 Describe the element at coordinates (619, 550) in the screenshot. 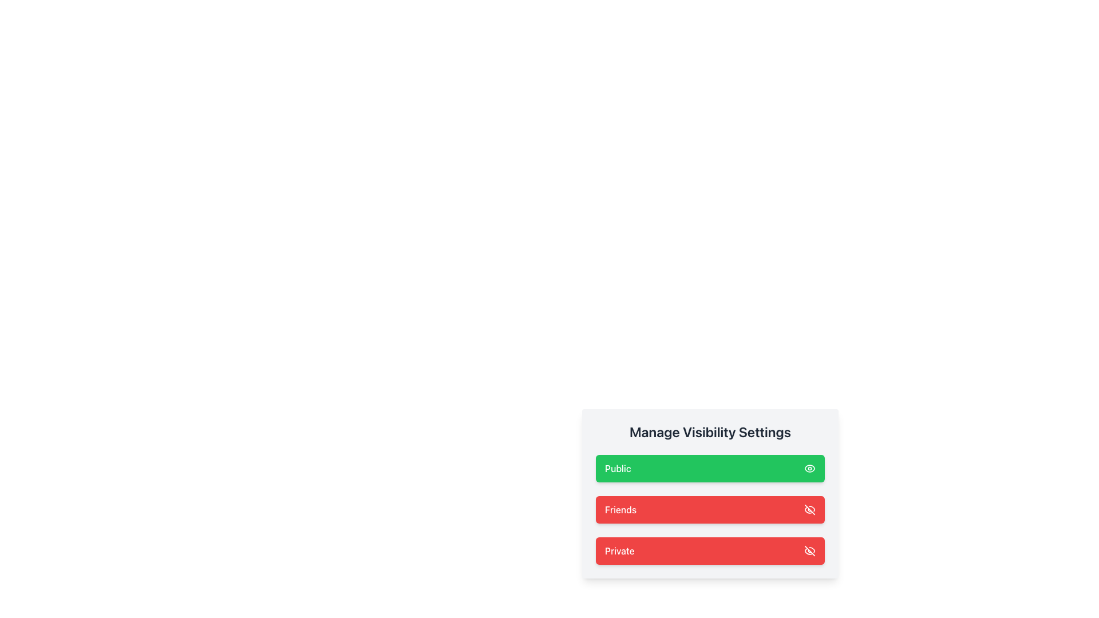

I see `the button labeled 'Private' which has a red background and white font, located at the bottom of the 'Manage Visibility Settings' section to set visibility to 'Private'` at that location.